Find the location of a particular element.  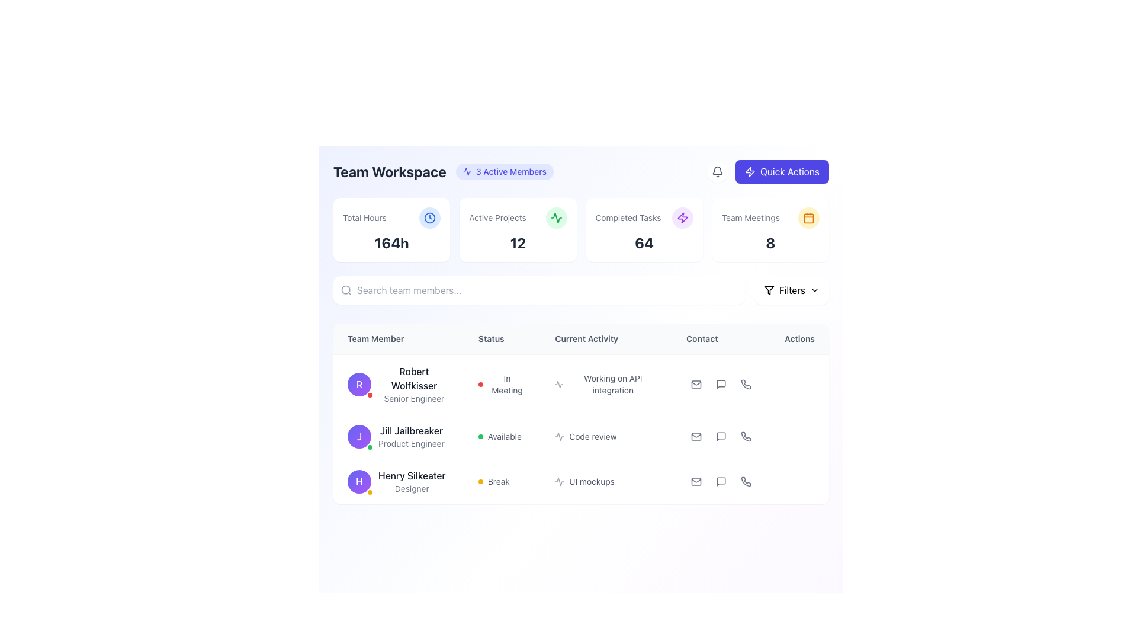

the messaging SVG Icon located in the 'Actions' column of the second row of the team members table, adjacent to user 'Jill Jailbreaker' under the 'Contact' section is located at coordinates (721, 384).